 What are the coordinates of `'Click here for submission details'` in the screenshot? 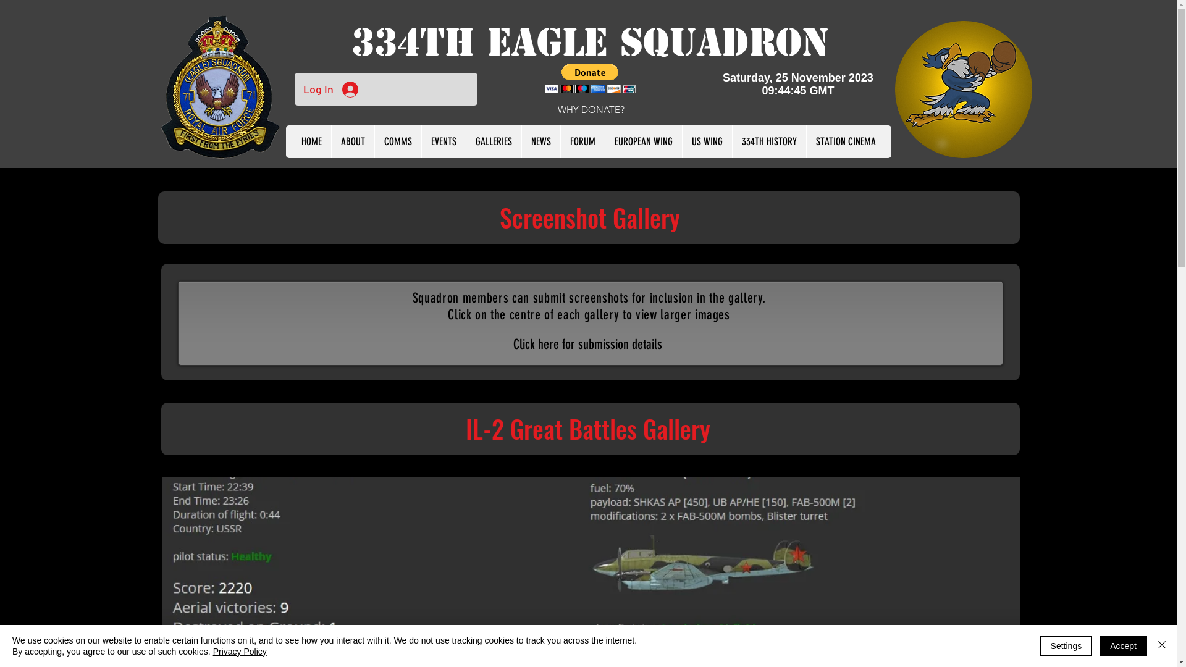 It's located at (586, 343).